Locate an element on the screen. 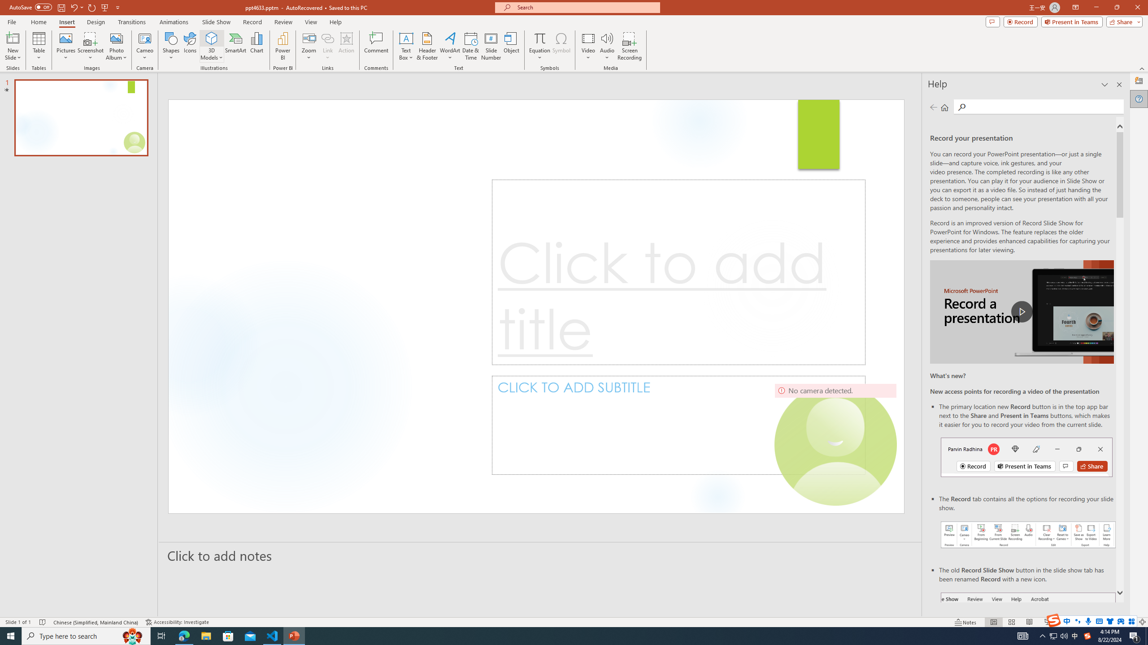 The width and height of the screenshot is (1148, 645). 'SmartArt...' is located at coordinates (235, 46).